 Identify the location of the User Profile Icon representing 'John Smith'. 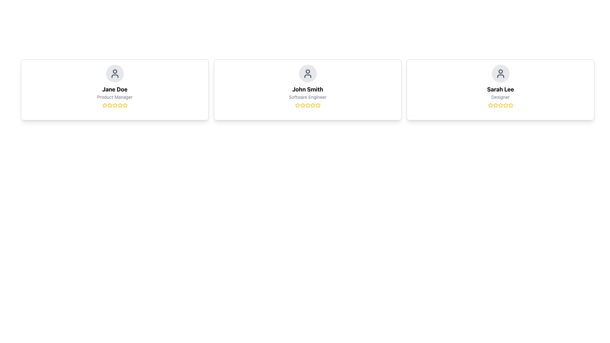
(308, 73).